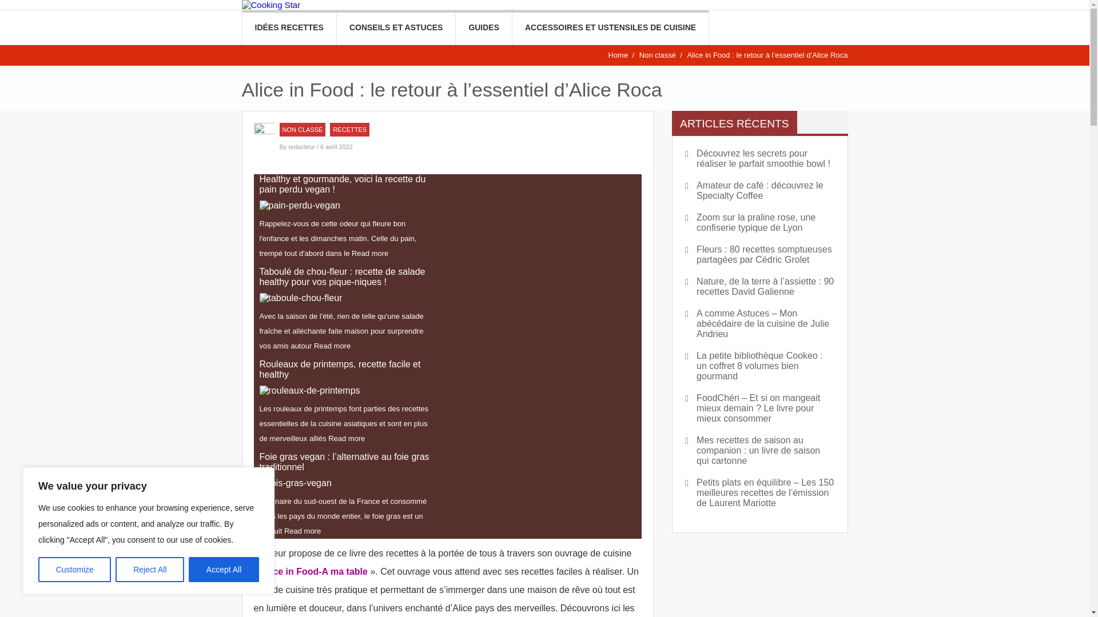 This screenshot has height=617, width=1098. Describe the element at coordinates (349, 129) in the screenshot. I see `'RECETTES'` at that location.